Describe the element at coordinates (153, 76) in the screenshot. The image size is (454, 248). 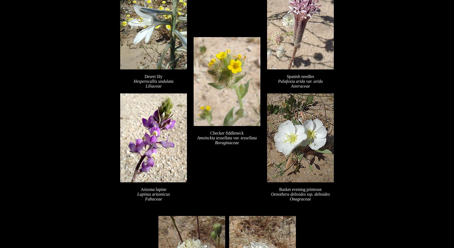
I see `'Desert lily'` at that location.